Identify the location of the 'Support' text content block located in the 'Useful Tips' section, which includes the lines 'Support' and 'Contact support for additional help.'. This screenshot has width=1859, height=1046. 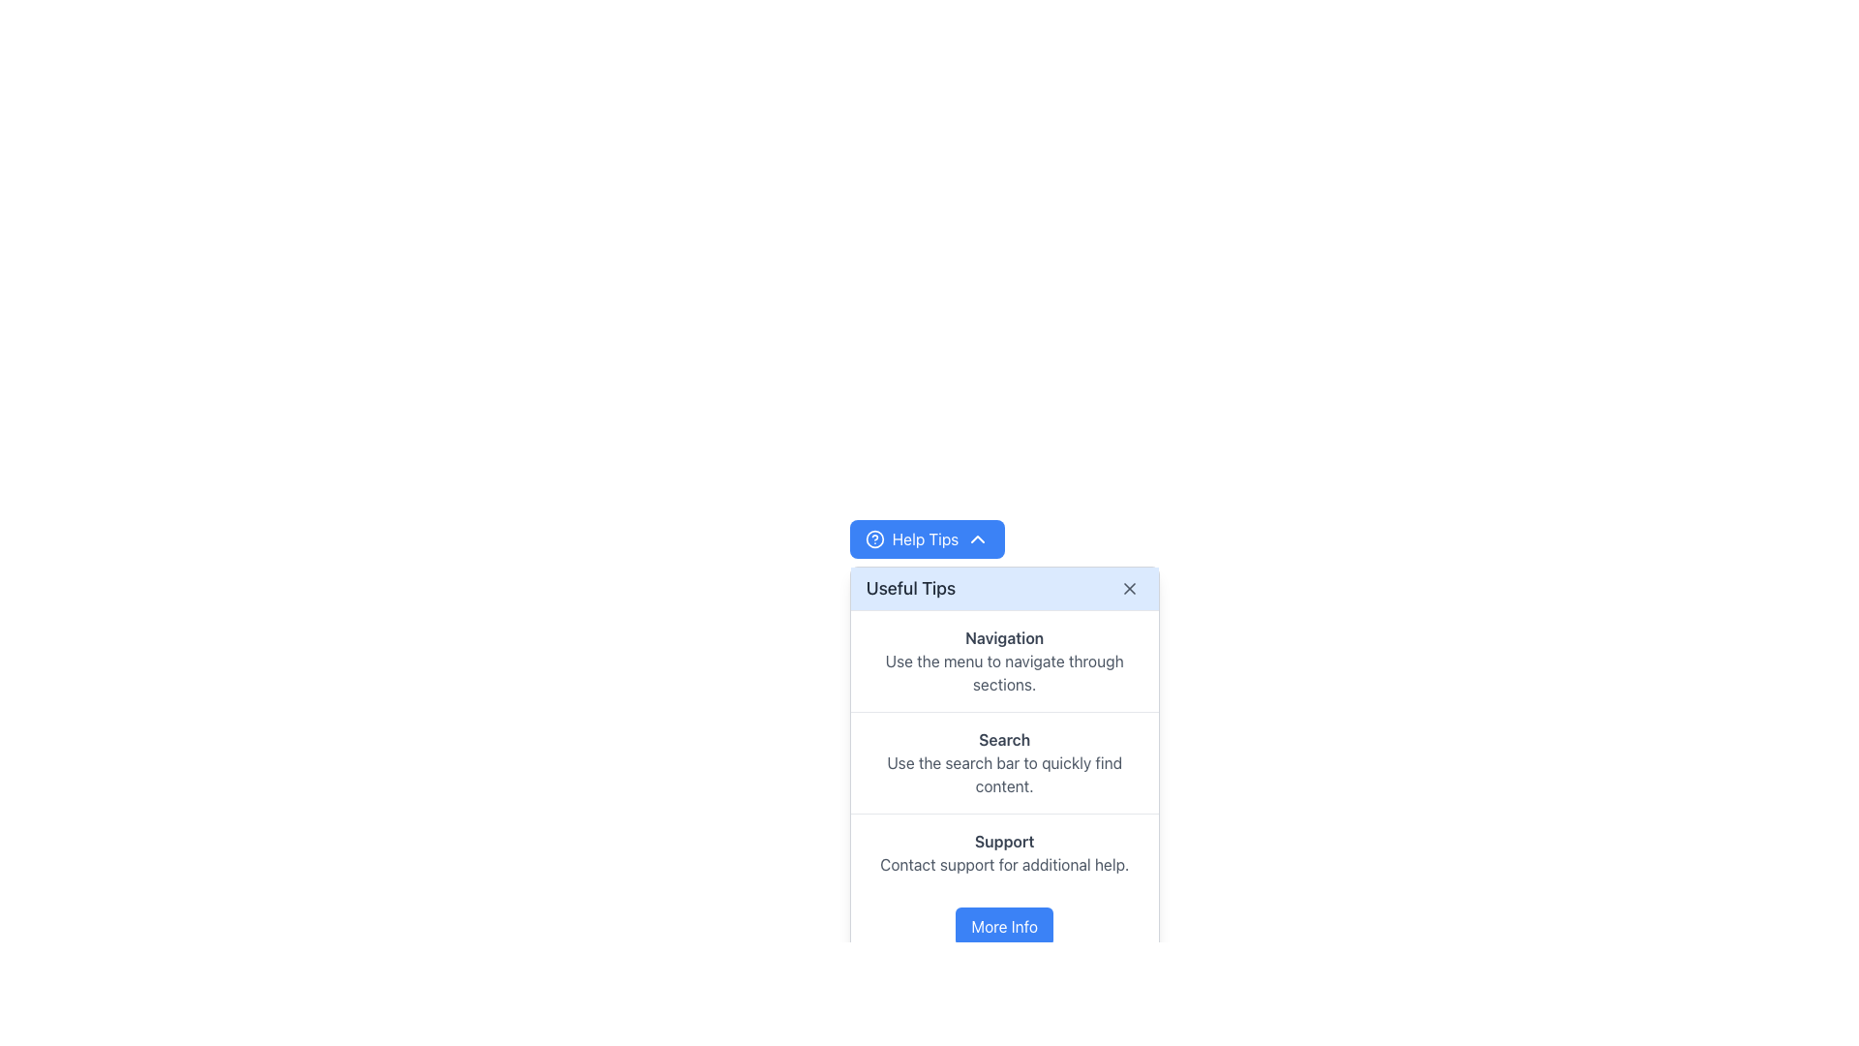
(1004, 851).